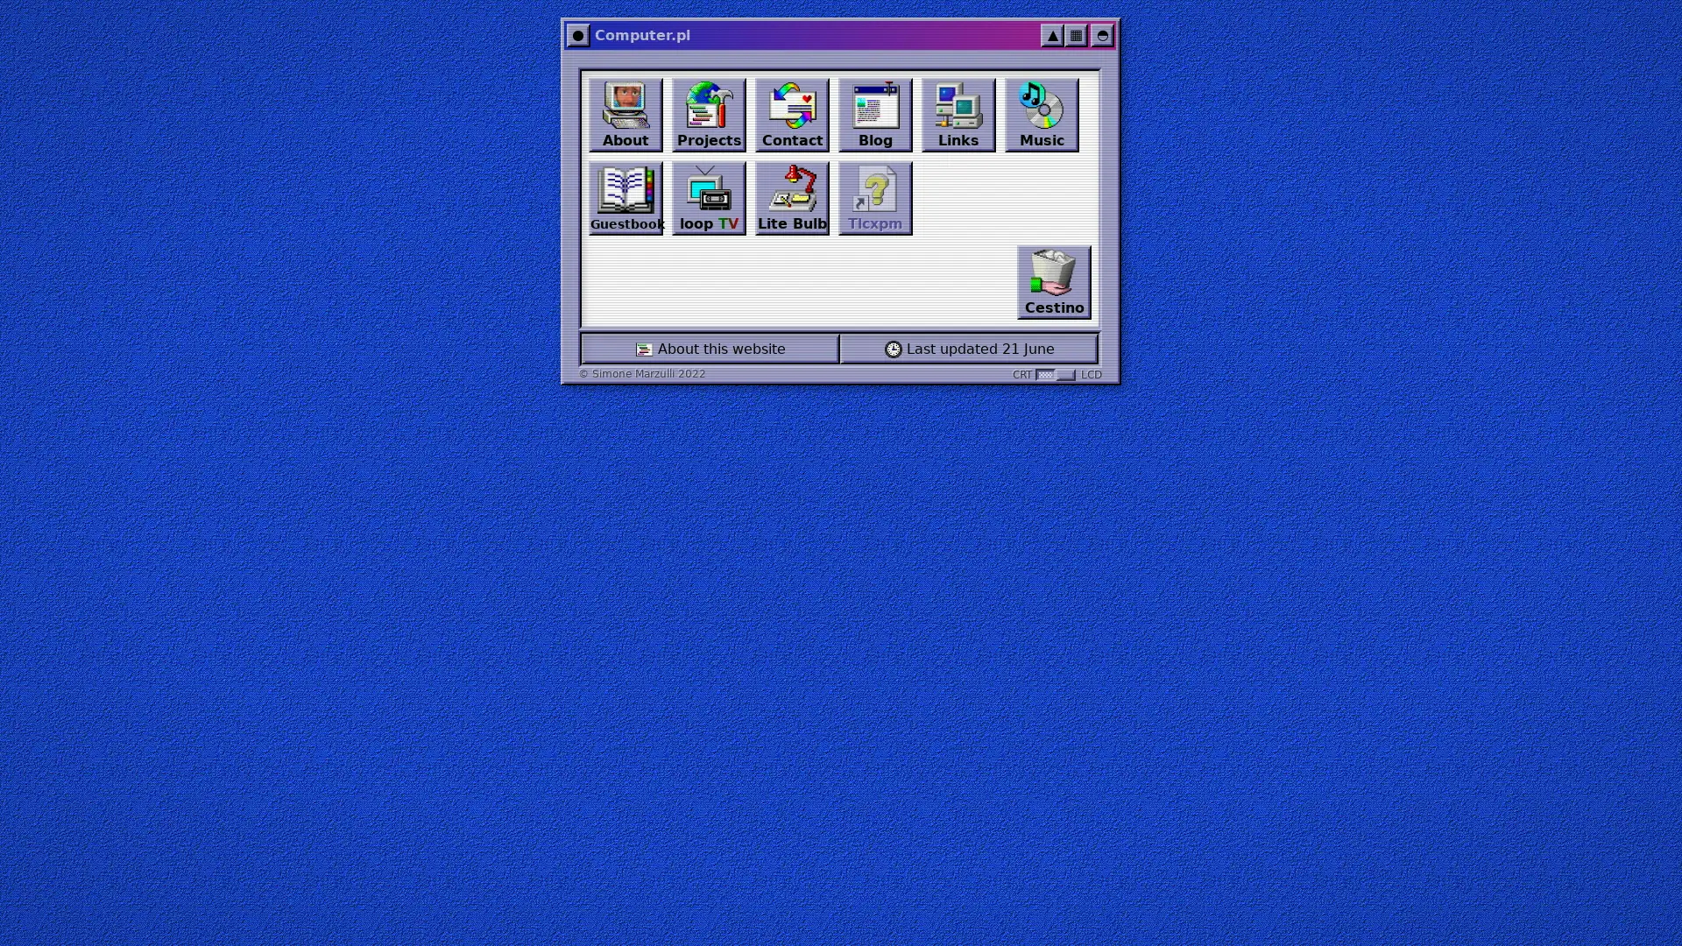 This screenshot has height=946, width=1682. Describe the element at coordinates (625, 115) in the screenshot. I see `about About` at that location.